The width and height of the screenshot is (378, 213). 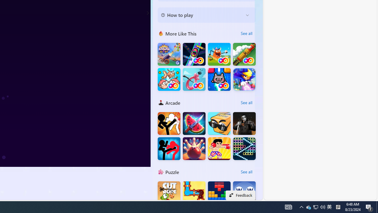 I want to click on 'Fruit Chopper', so click(x=194, y=123).